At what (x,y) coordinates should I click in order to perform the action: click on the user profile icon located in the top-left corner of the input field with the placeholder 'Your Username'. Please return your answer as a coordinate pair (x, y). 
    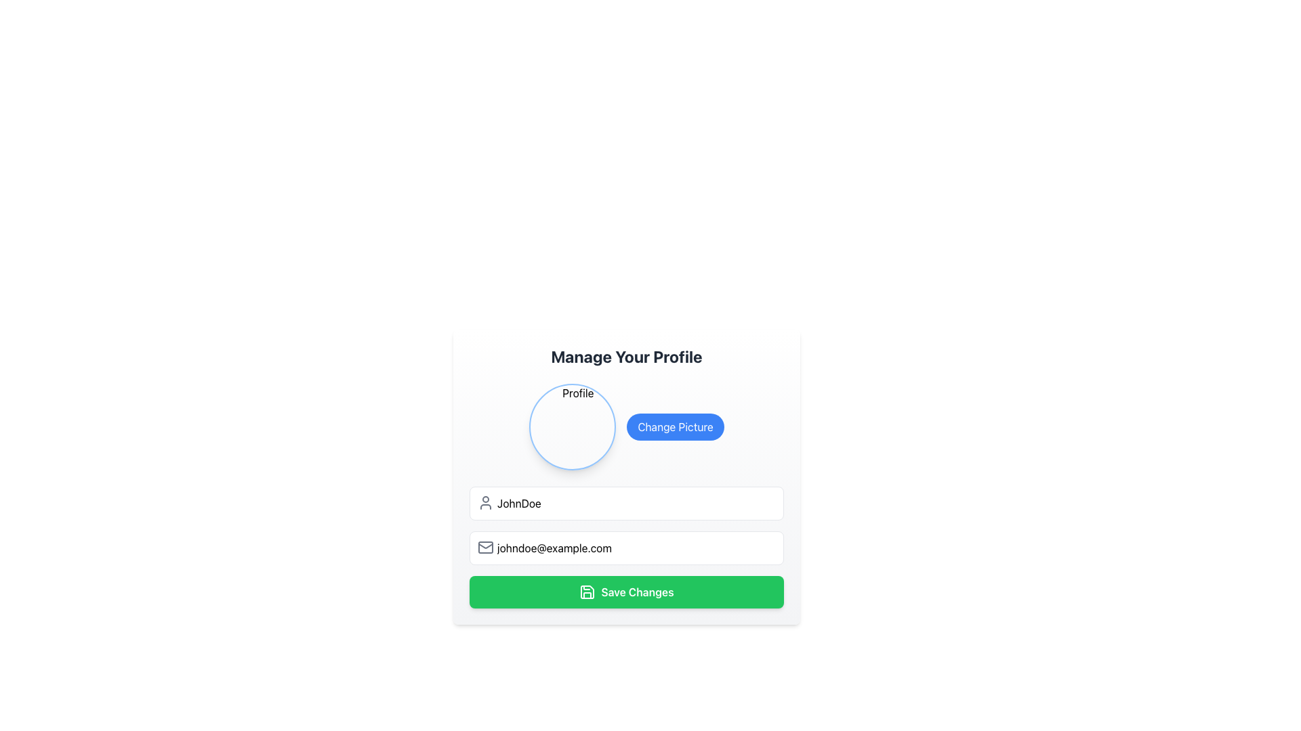
    Looking at the image, I should click on (485, 503).